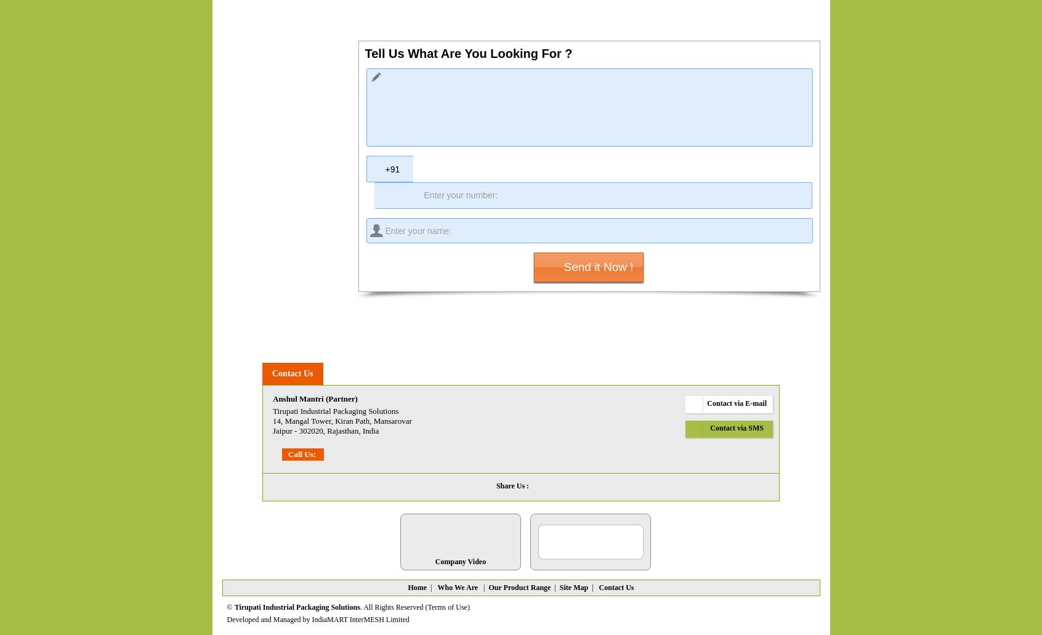 Image resolution: width=1042 pixels, height=635 pixels. What do you see at coordinates (315, 398) in the screenshot?
I see `'Anshul Mantri (Partner)'` at bounding box center [315, 398].